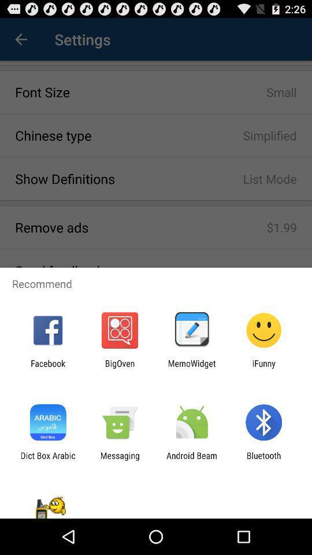 This screenshot has width=312, height=555. I want to click on the ifunny item, so click(263, 368).